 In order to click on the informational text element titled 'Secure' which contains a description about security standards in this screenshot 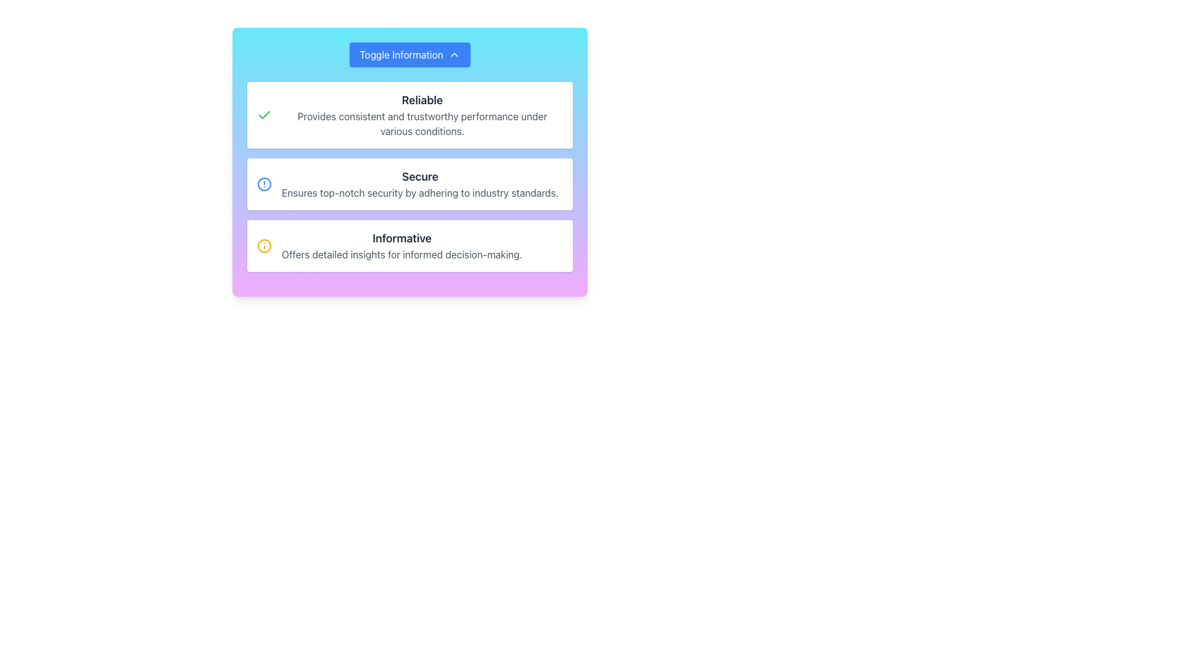, I will do `click(420, 184)`.